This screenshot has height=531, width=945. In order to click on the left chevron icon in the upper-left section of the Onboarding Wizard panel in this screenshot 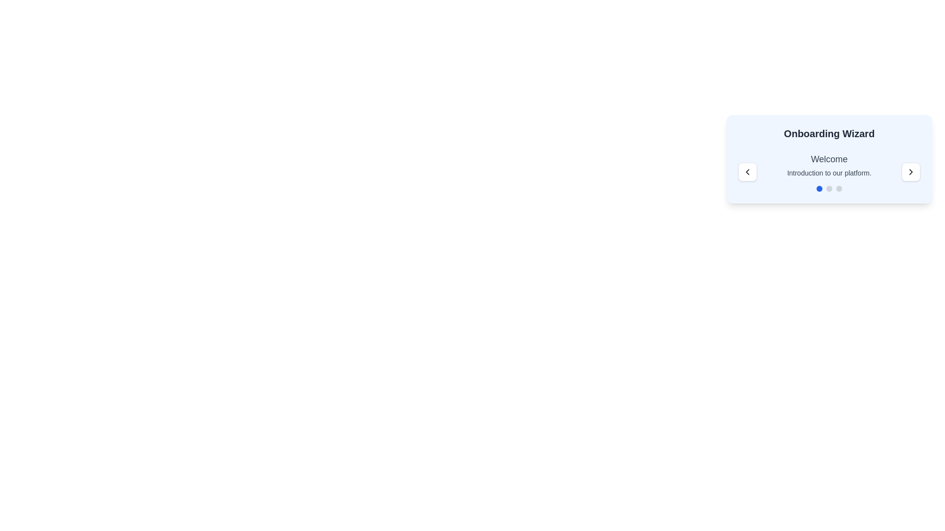, I will do `click(747, 172)`.